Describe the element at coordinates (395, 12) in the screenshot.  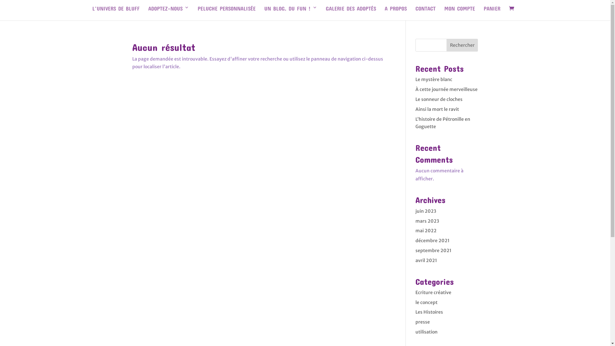
I see `'A PROPOS'` at that location.